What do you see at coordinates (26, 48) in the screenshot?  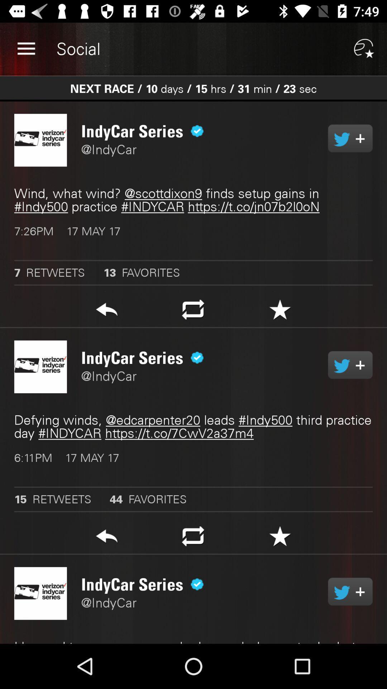 I see `the item next to the social app` at bounding box center [26, 48].